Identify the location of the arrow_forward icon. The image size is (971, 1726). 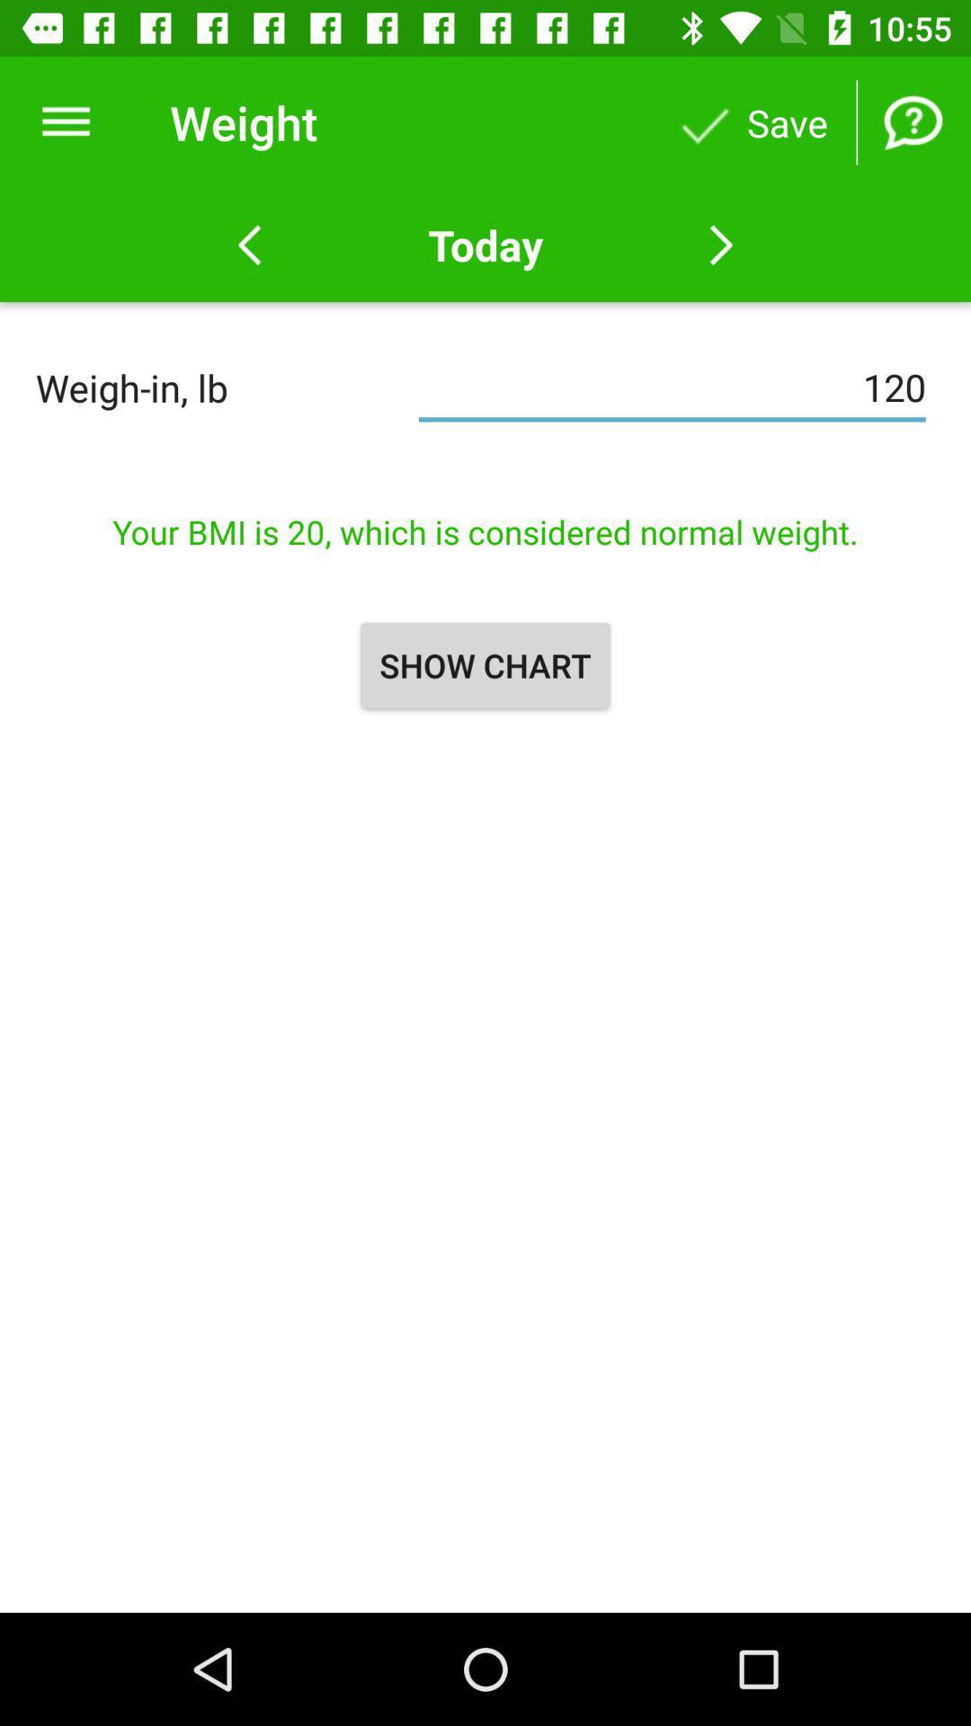
(720, 245).